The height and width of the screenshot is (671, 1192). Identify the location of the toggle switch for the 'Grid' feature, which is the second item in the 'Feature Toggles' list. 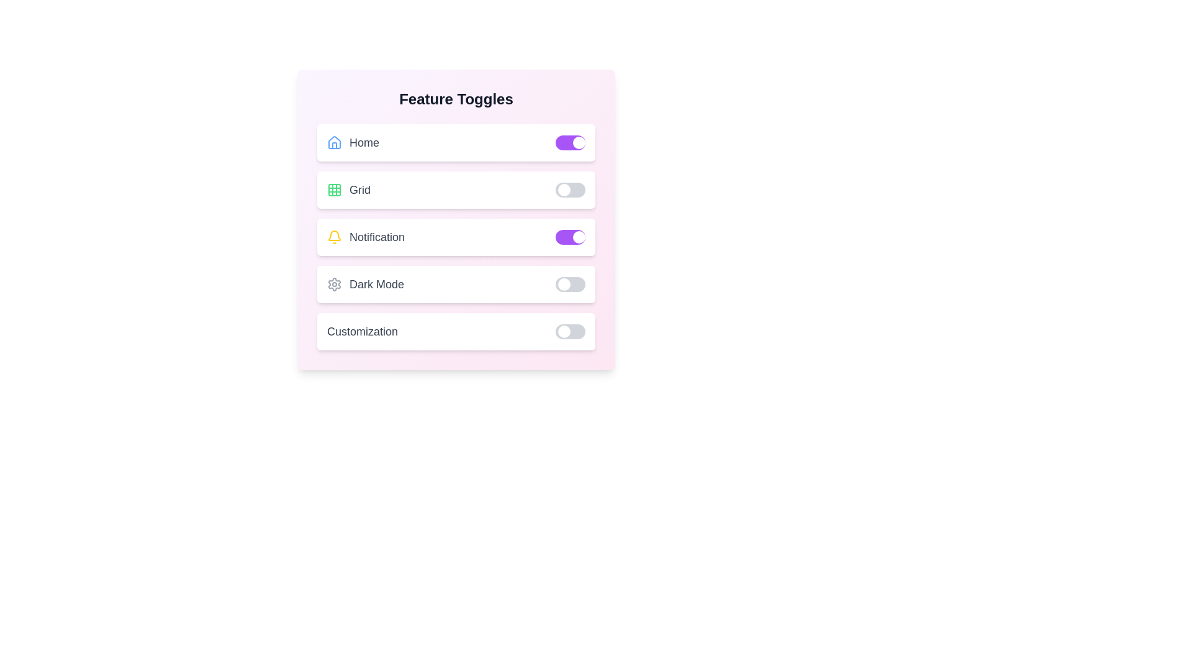
(455, 189).